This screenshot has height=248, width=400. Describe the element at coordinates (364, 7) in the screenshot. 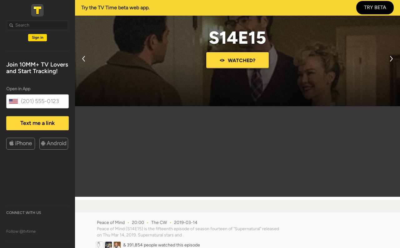

I see `'TRY BETA'` at that location.